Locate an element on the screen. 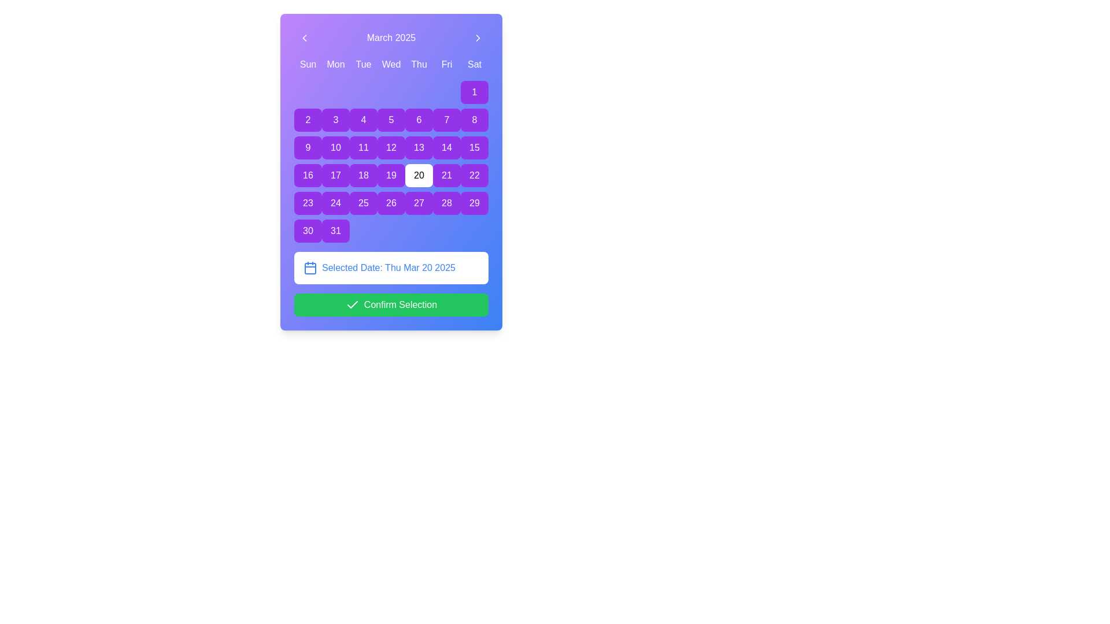 This screenshot has width=1110, height=624. the button representing the 29th day of the month in the calendar grid is located at coordinates (474, 202).